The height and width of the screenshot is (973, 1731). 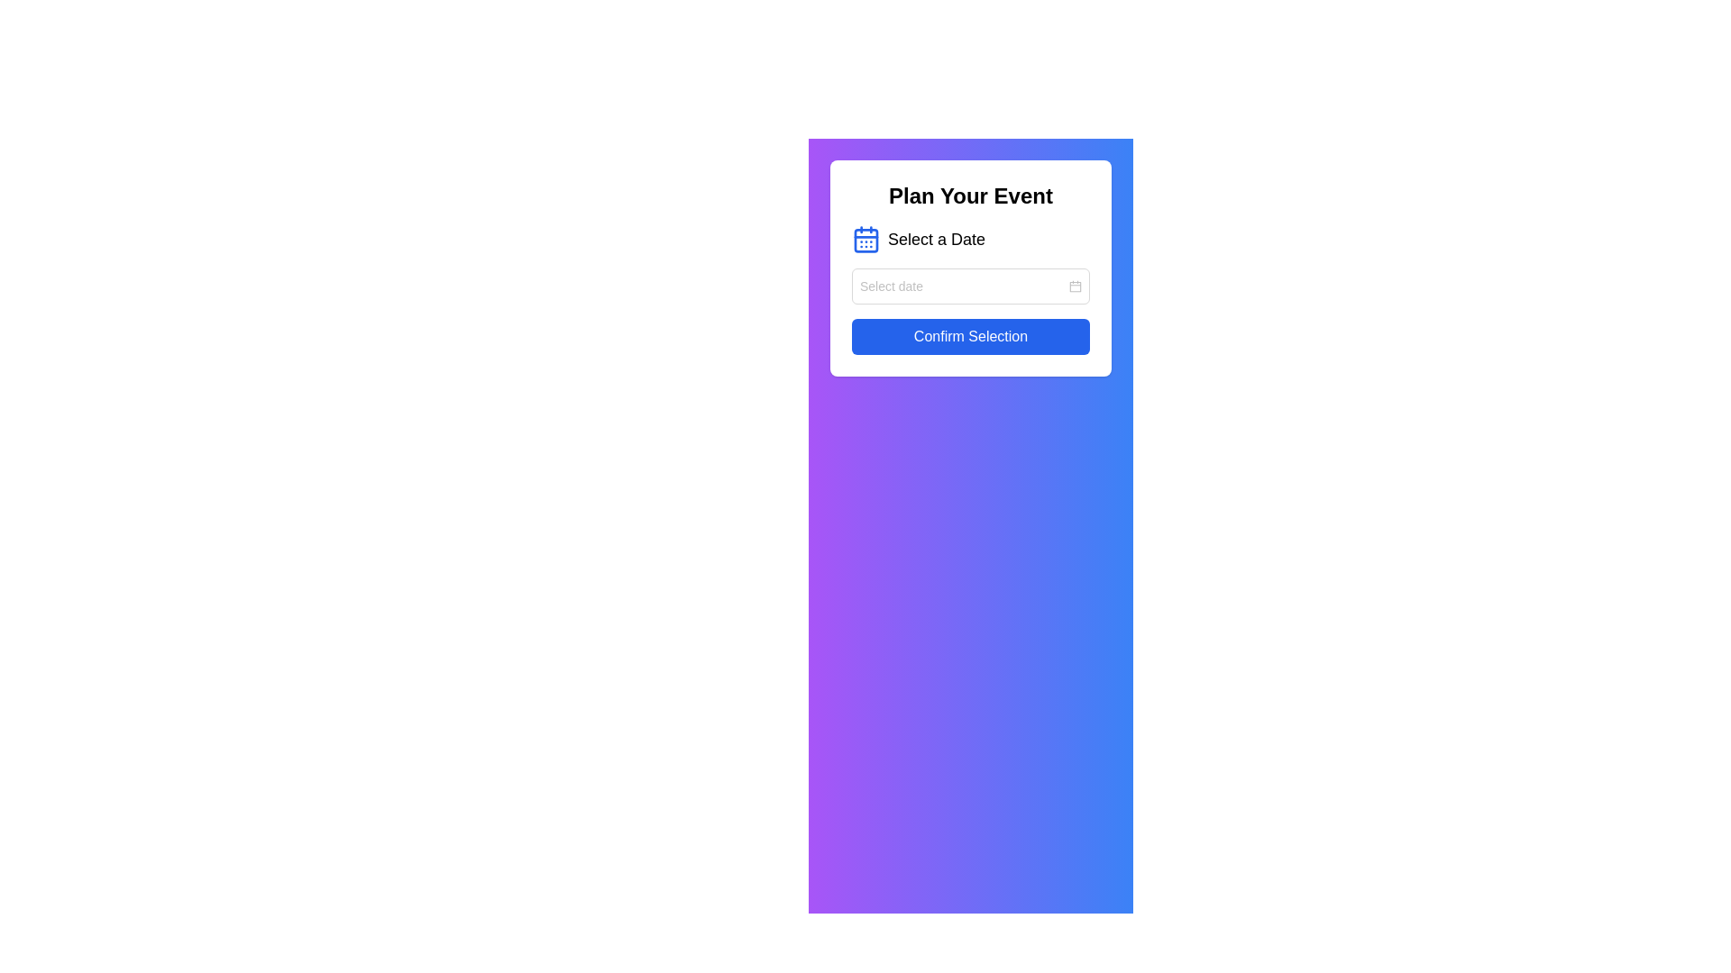 What do you see at coordinates (969, 337) in the screenshot?
I see `the confirmation button located at the bottom of the 'Plan Your Event' card to finalize the event date selection` at bounding box center [969, 337].